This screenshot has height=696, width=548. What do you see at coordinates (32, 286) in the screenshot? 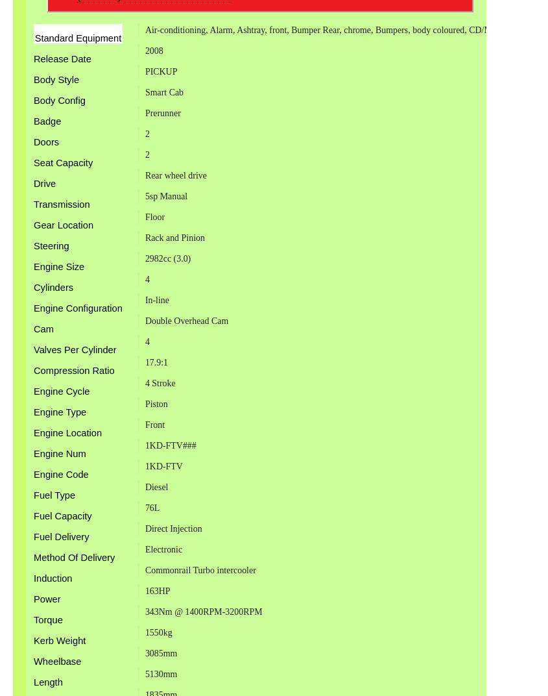
I see `'Cylinders'` at bounding box center [32, 286].